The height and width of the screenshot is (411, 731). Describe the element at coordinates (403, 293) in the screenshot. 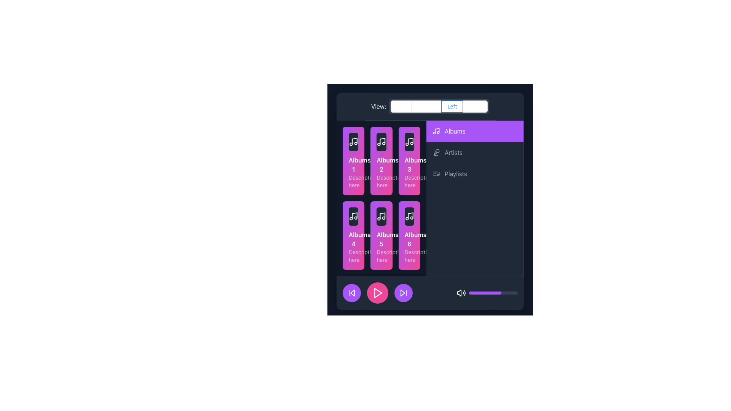

I see `the rightmost button in a horizontal arrangement of three circular buttons at the bottom of the interface to change its background color` at that location.